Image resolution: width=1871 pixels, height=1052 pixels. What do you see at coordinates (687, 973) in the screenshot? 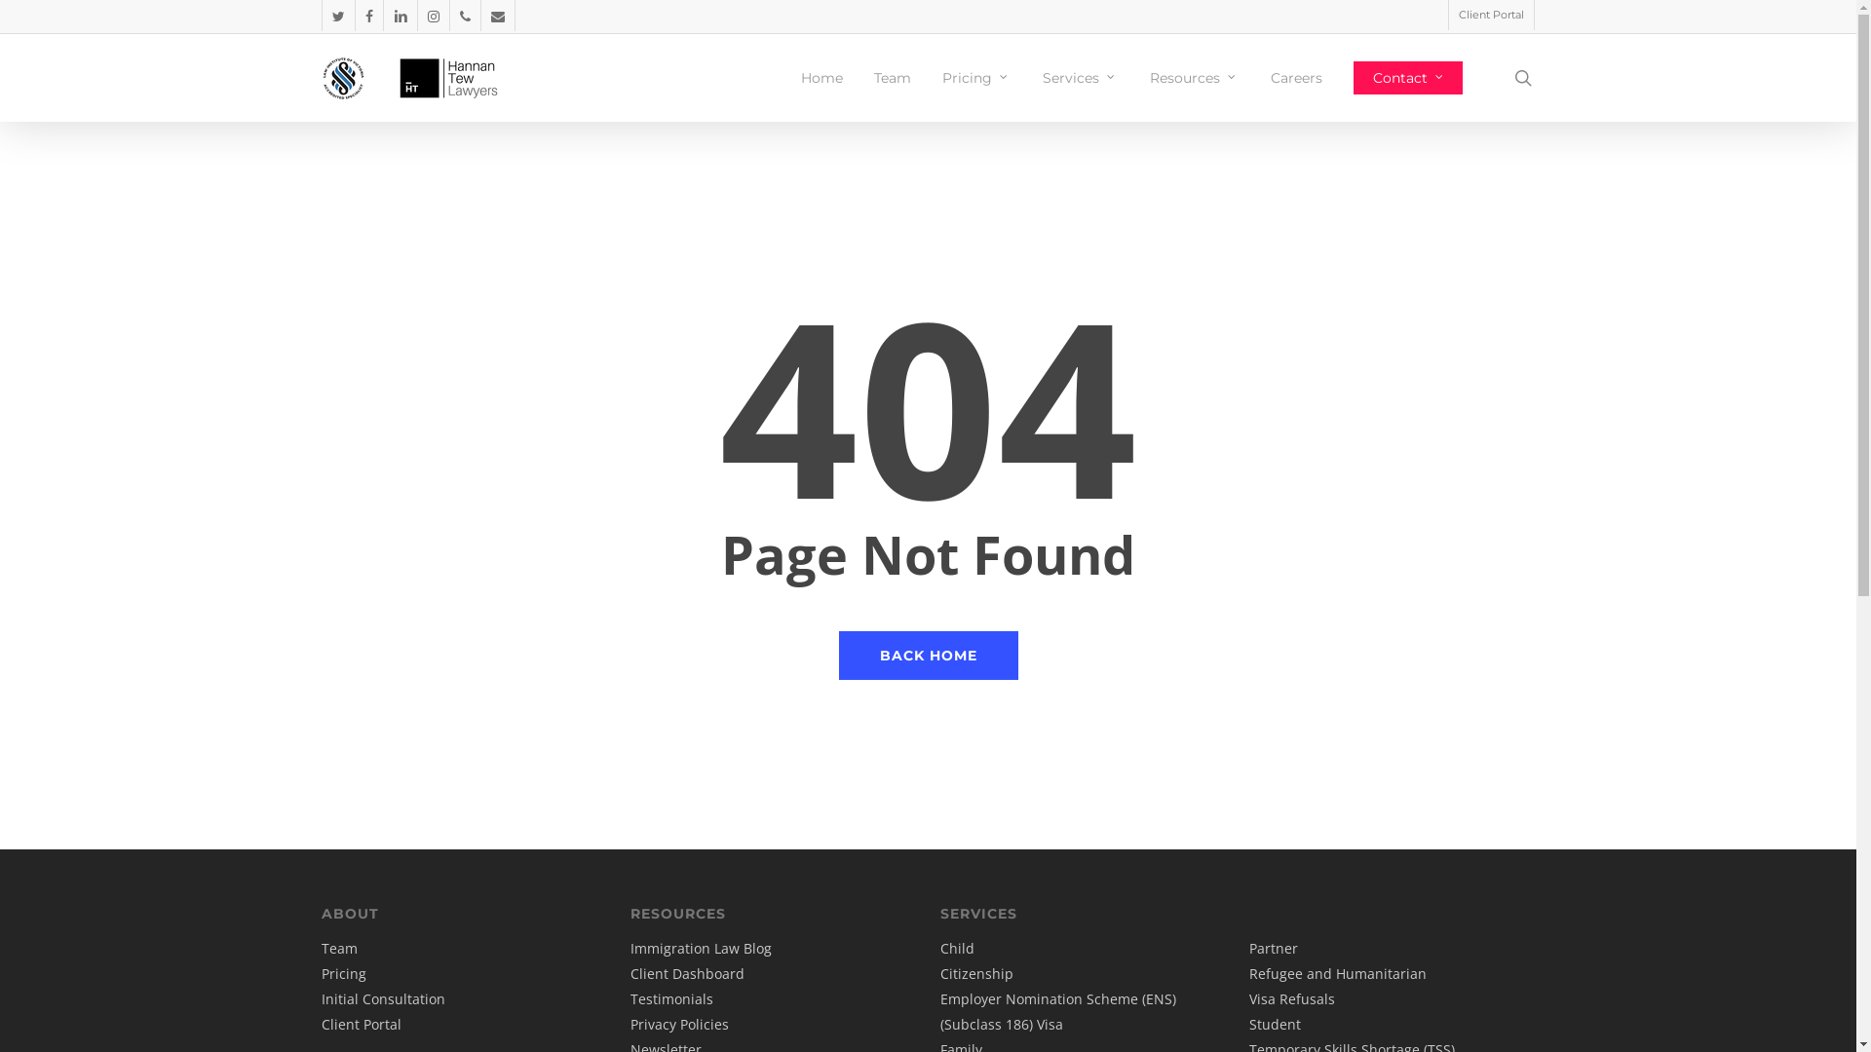
I see `'Client Dashboard'` at bounding box center [687, 973].